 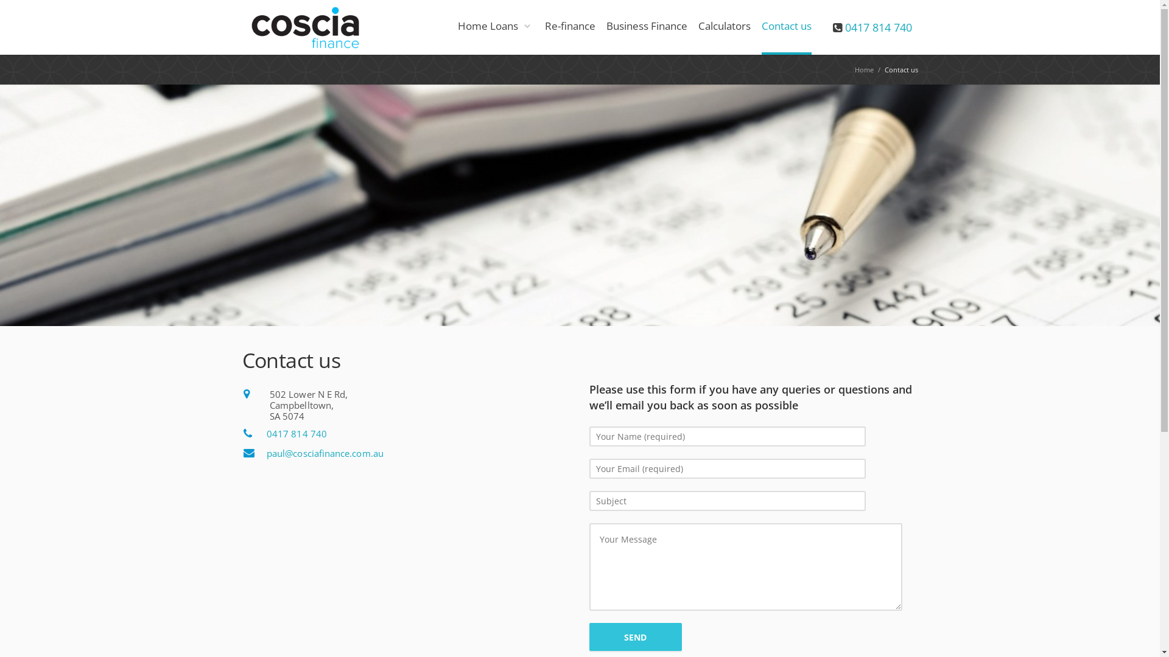 What do you see at coordinates (863, 69) in the screenshot?
I see `'Home'` at bounding box center [863, 69].